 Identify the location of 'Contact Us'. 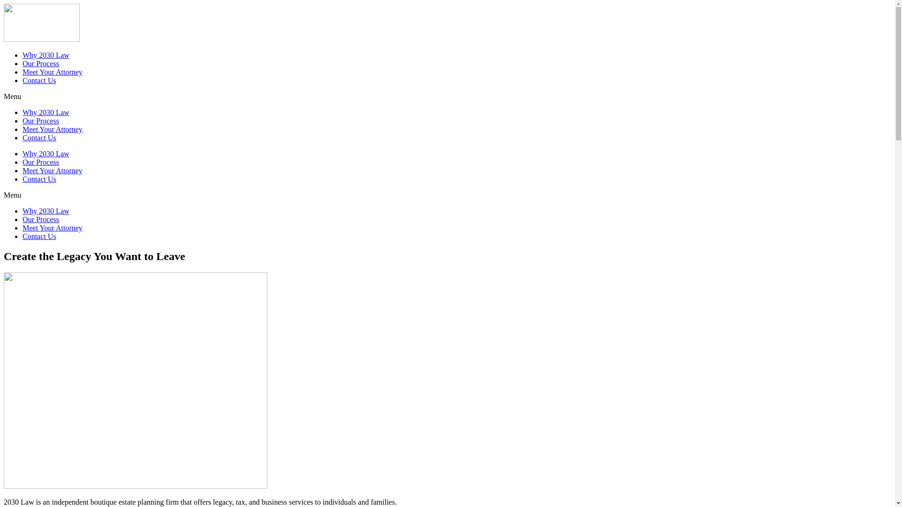
(23, 179).